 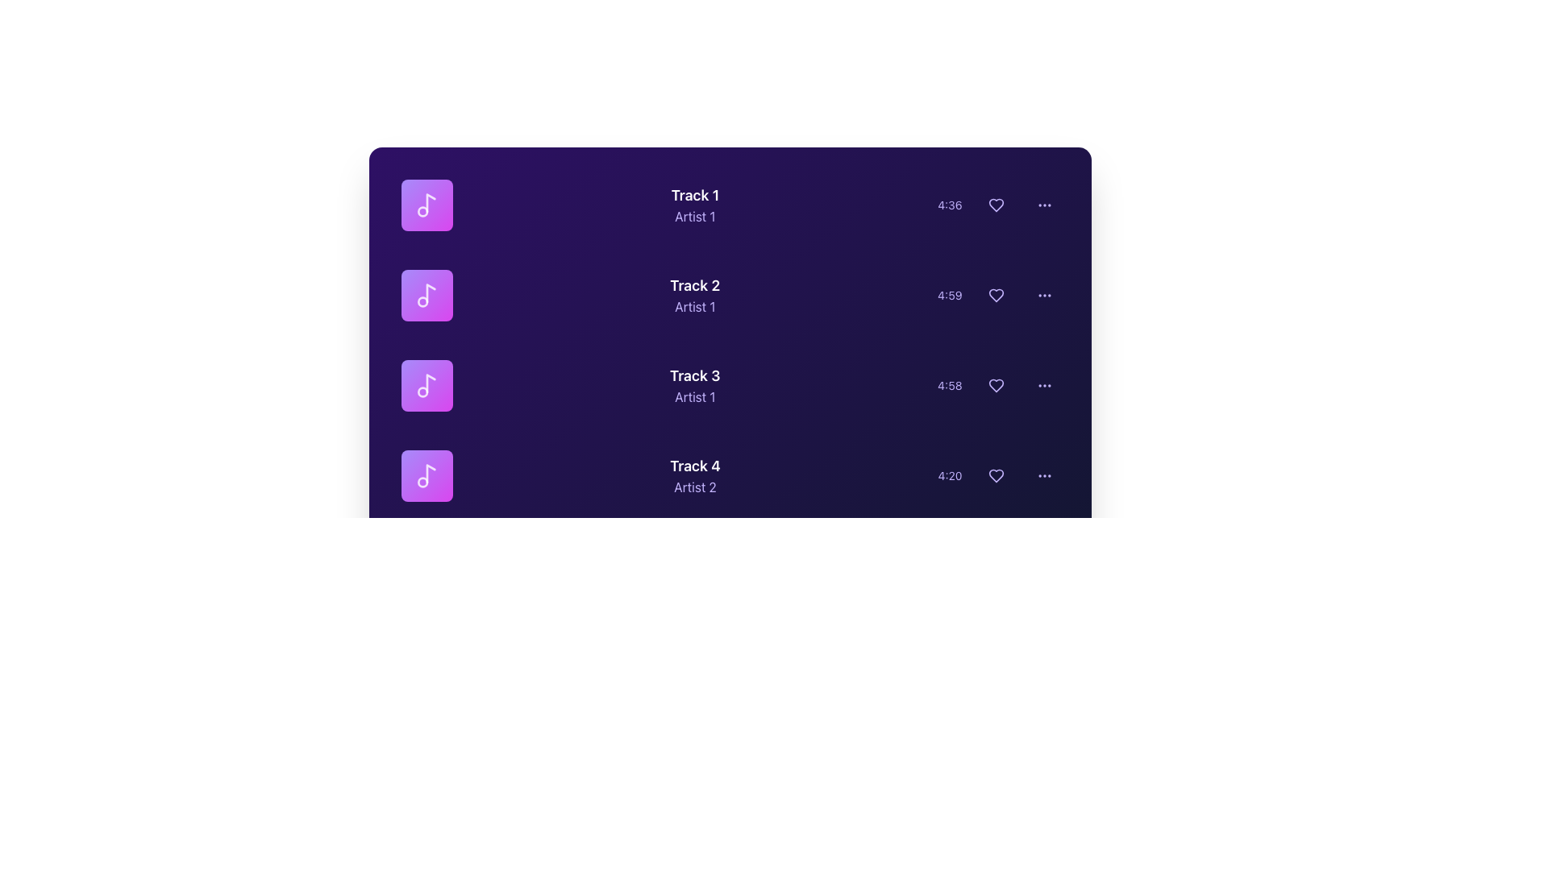 What do you see at coordinates (427, 474) in the screenshot?
I see `the button representing 'Track 4'` at bounding box center [427, 474].